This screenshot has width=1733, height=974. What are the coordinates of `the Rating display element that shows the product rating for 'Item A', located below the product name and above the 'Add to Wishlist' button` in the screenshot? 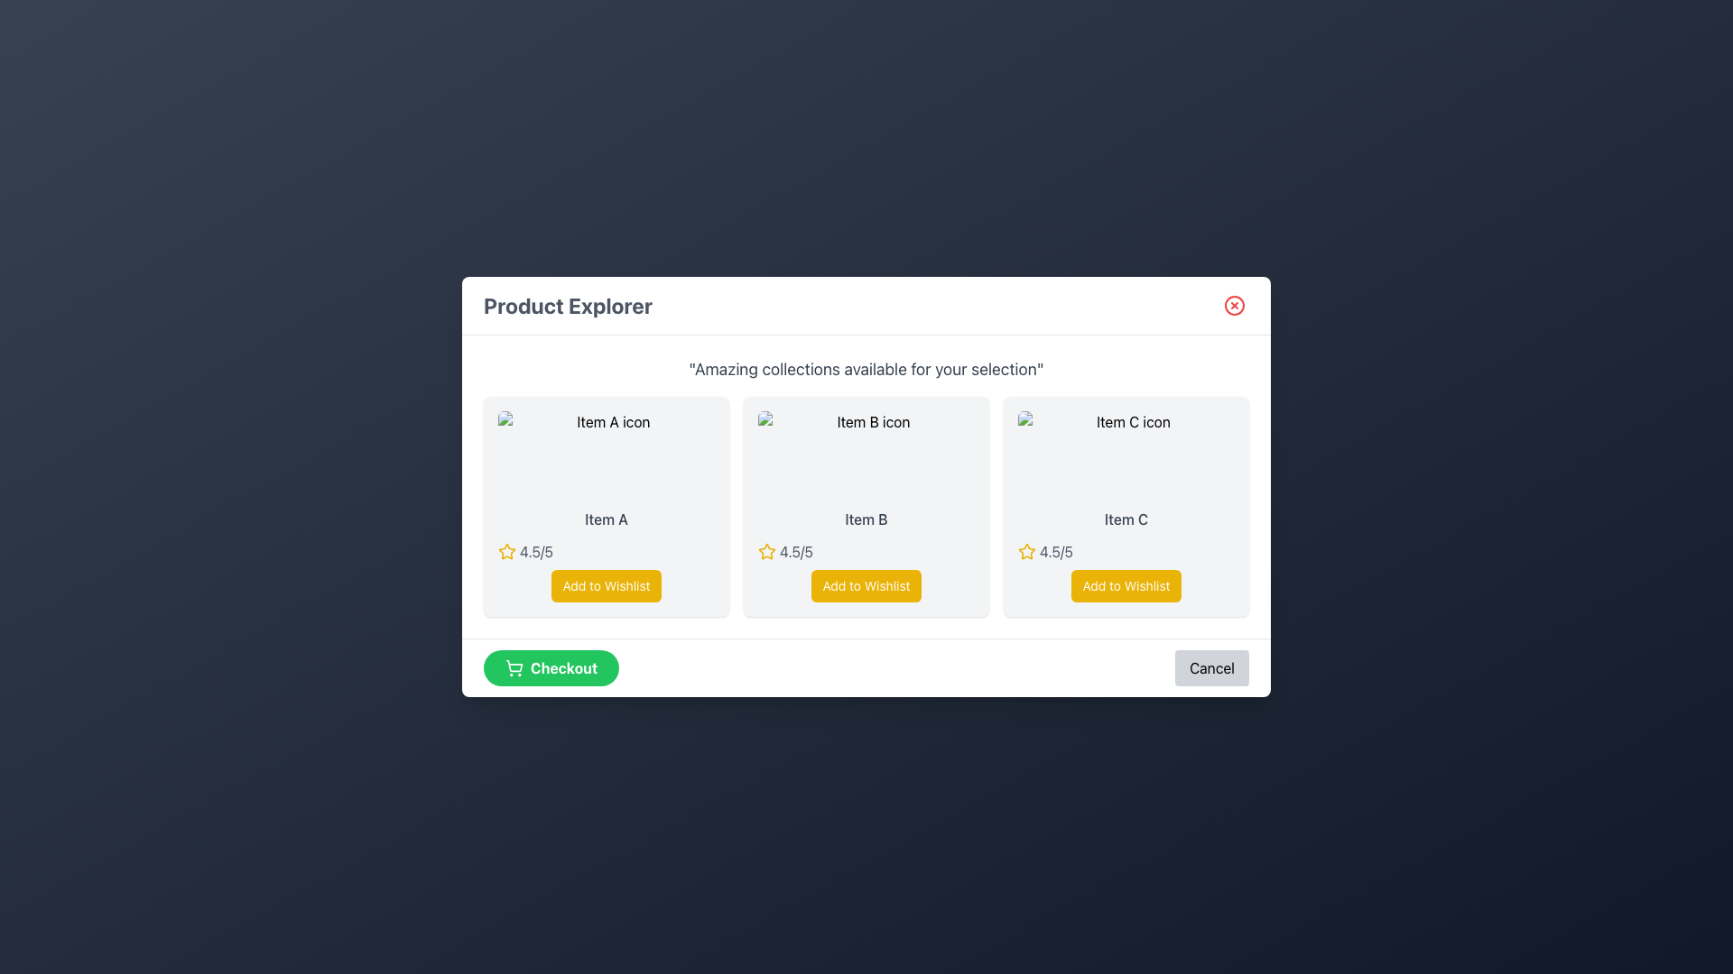 It's located at (607, 551).